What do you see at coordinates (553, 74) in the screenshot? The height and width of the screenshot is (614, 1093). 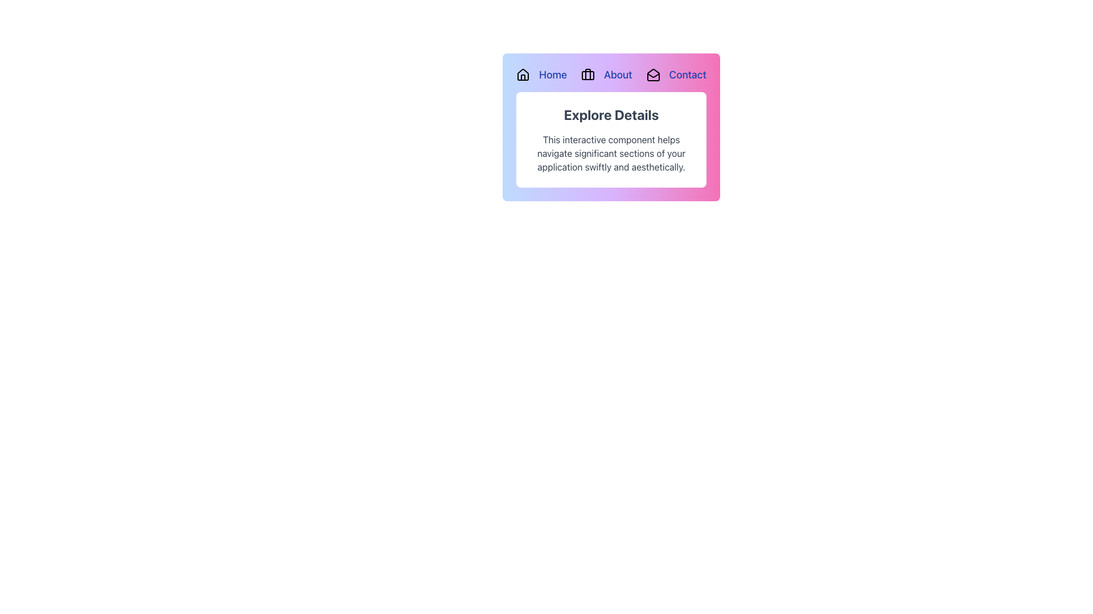 I see `the hyperlink located at the top left of the user interface, within the horizontal navigation bar` at bounding box center [553, 74].